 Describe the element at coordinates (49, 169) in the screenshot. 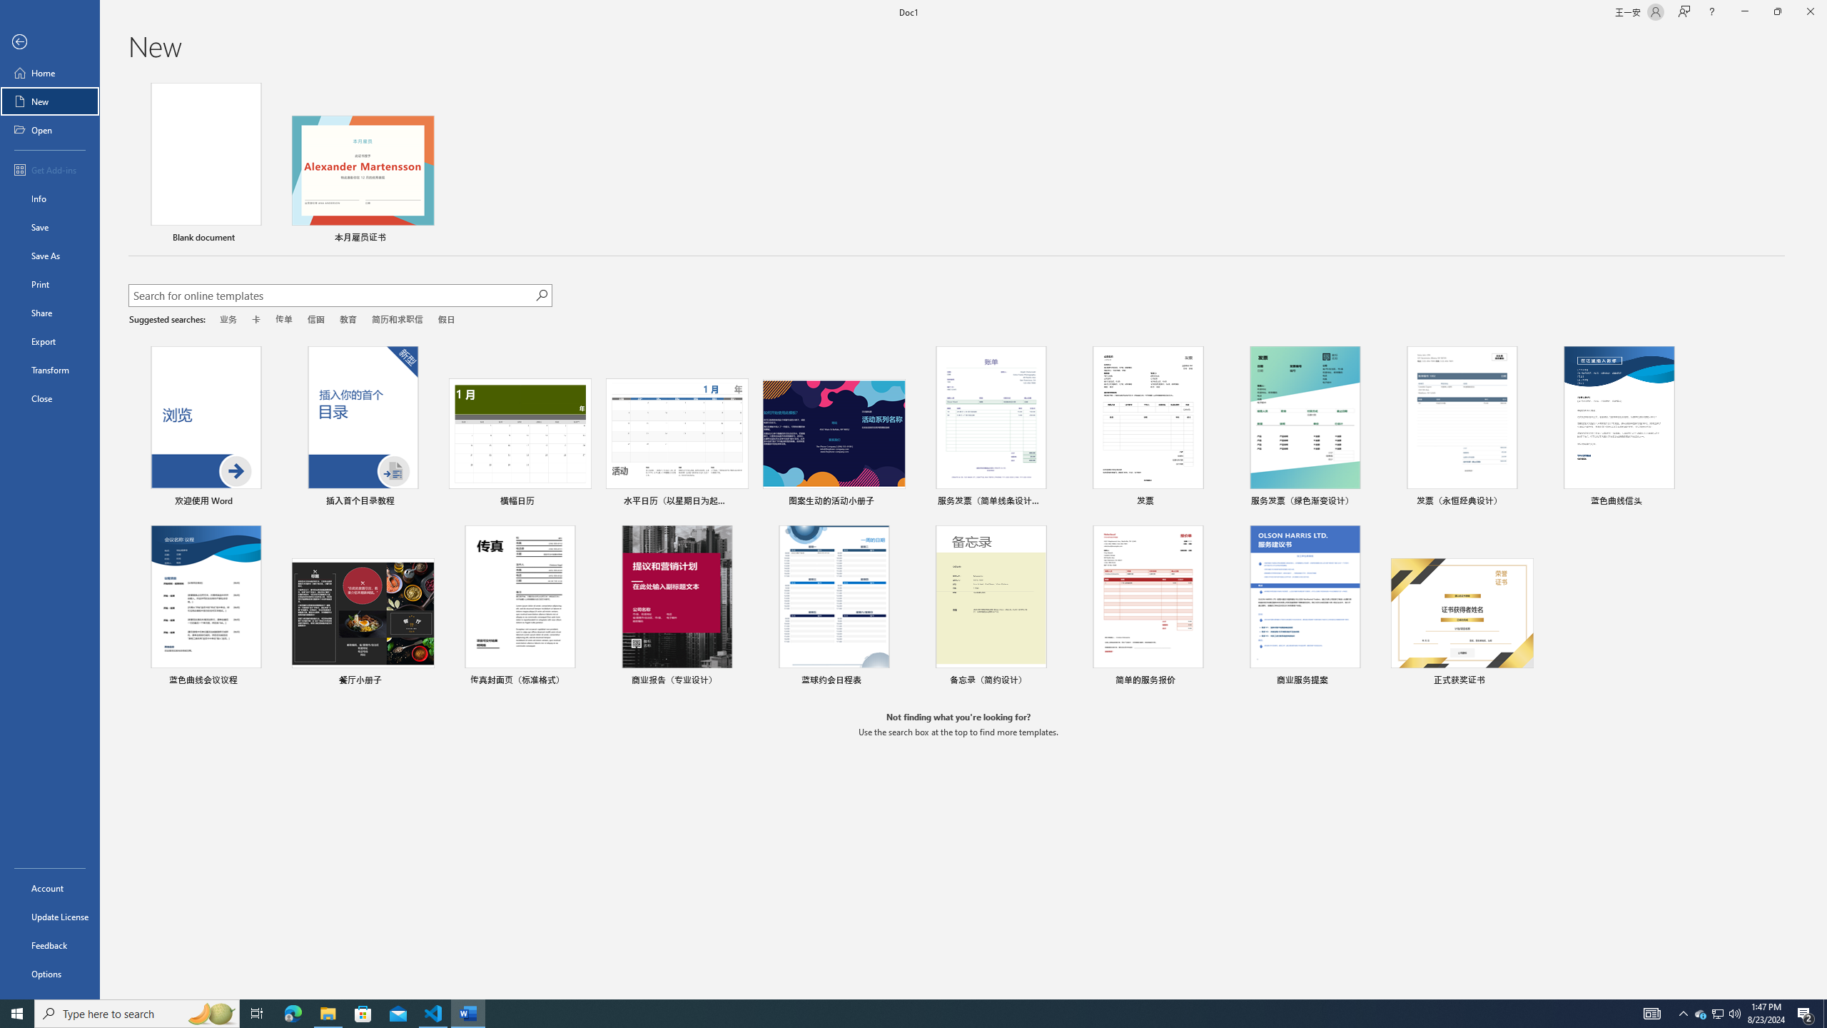

I see `'Get Add-ins'` at that location.